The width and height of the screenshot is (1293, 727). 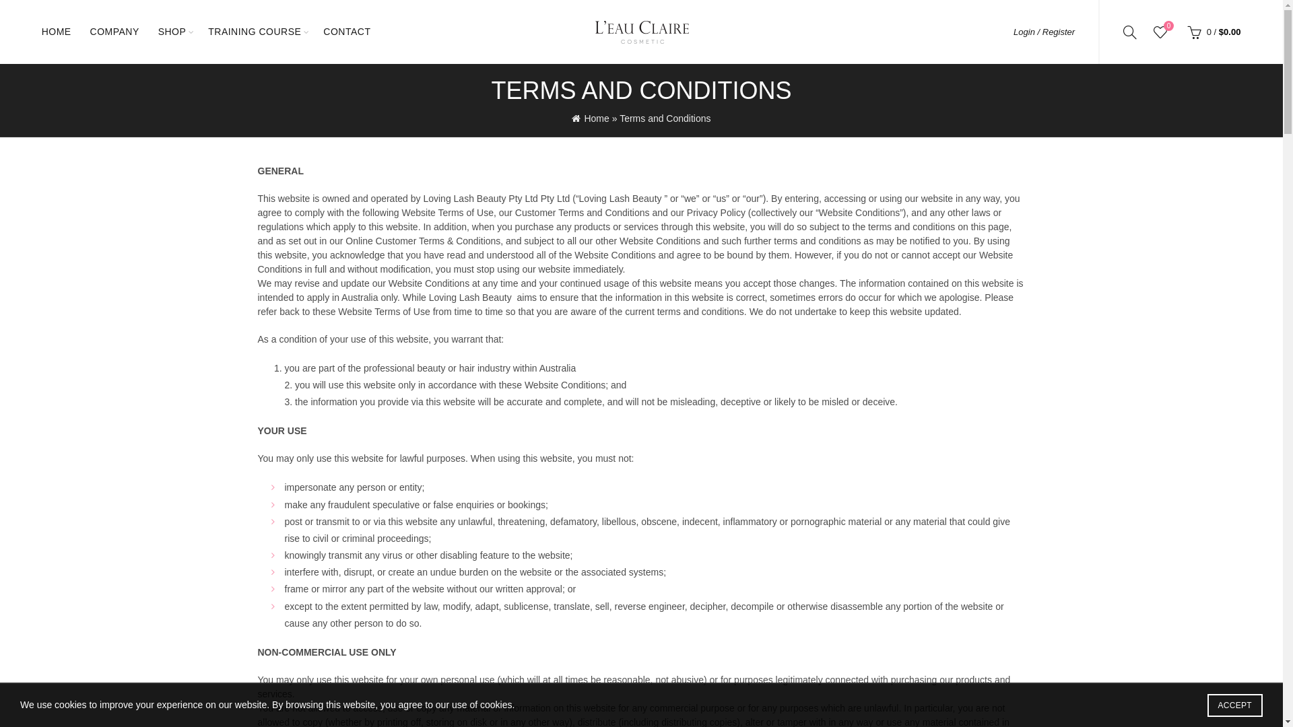 What do you see at coordinates (1234, 705) in the screenshot?
I see `'ACCEPT'` at bounding box center [1234, 705].